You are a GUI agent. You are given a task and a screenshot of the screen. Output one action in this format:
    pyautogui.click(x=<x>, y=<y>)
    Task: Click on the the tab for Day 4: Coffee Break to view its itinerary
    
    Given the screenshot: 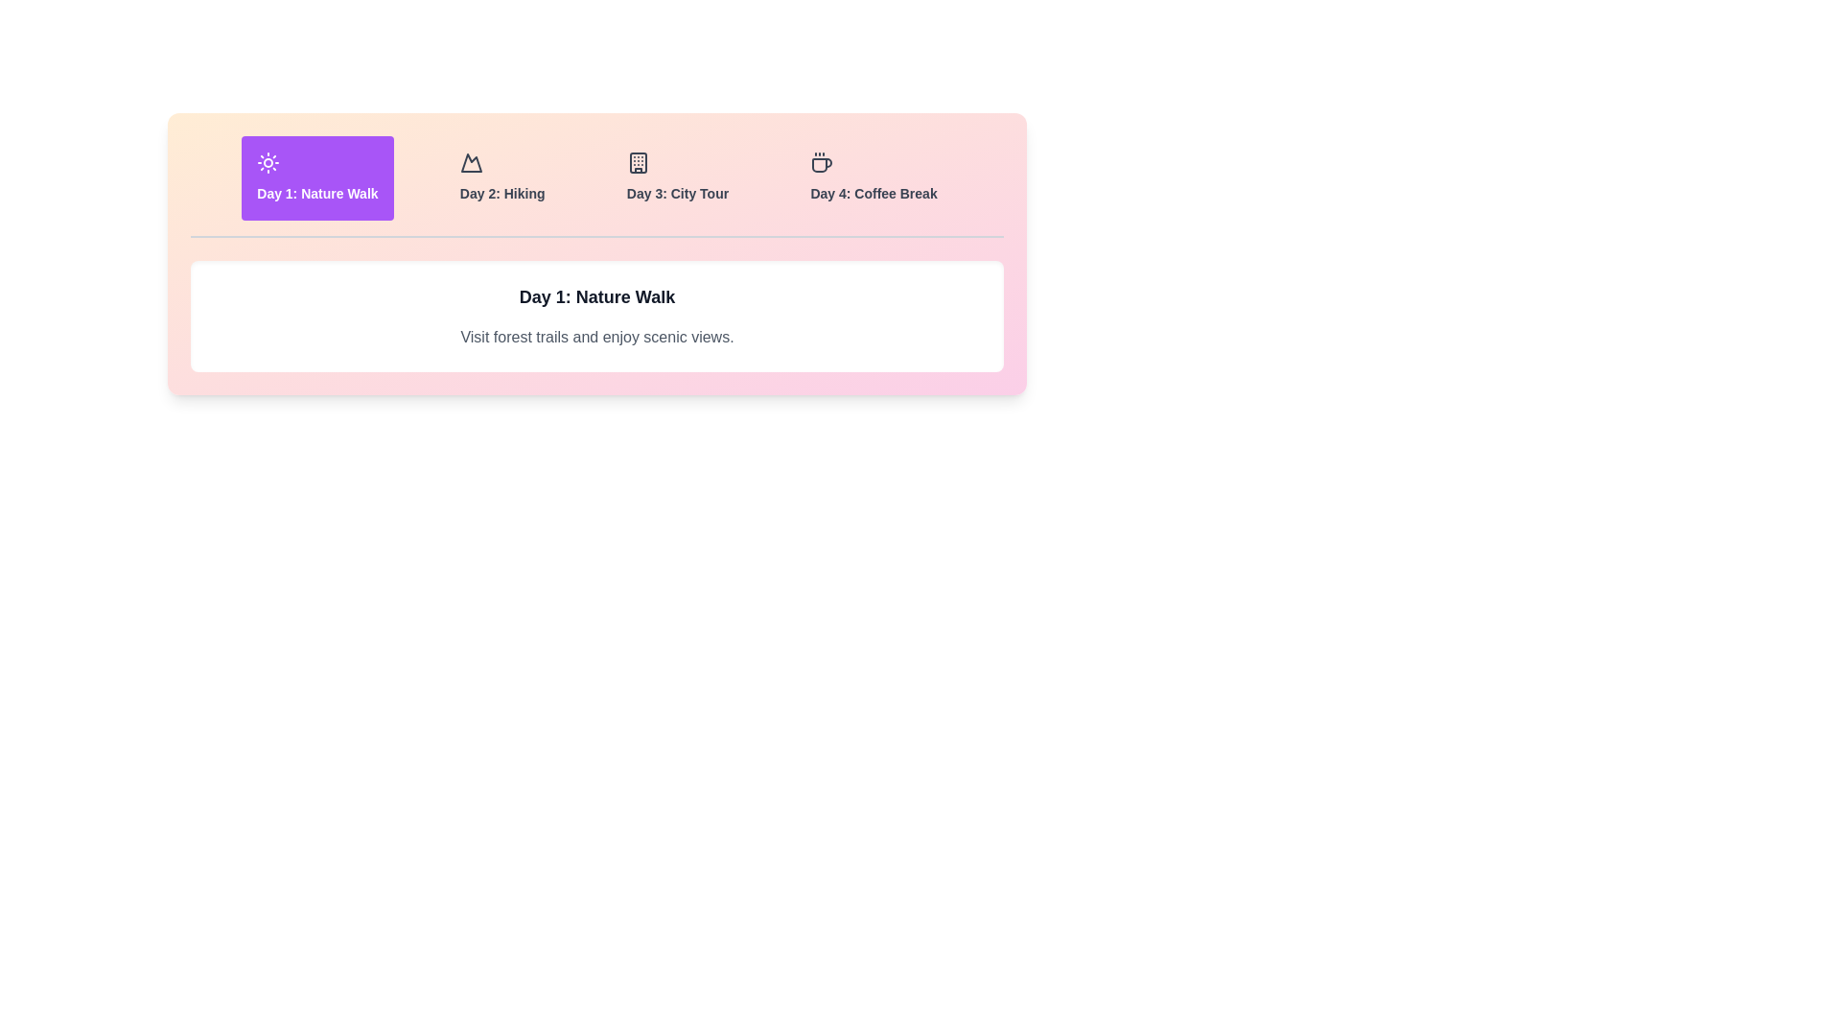 What is the action you would take?
    pyautogui.click(x=873, y=177)
    